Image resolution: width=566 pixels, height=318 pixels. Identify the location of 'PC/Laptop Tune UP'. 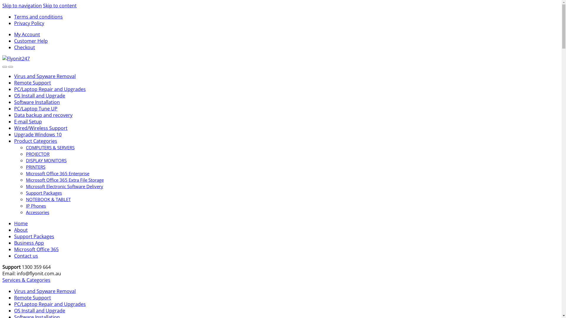
(35, 109).